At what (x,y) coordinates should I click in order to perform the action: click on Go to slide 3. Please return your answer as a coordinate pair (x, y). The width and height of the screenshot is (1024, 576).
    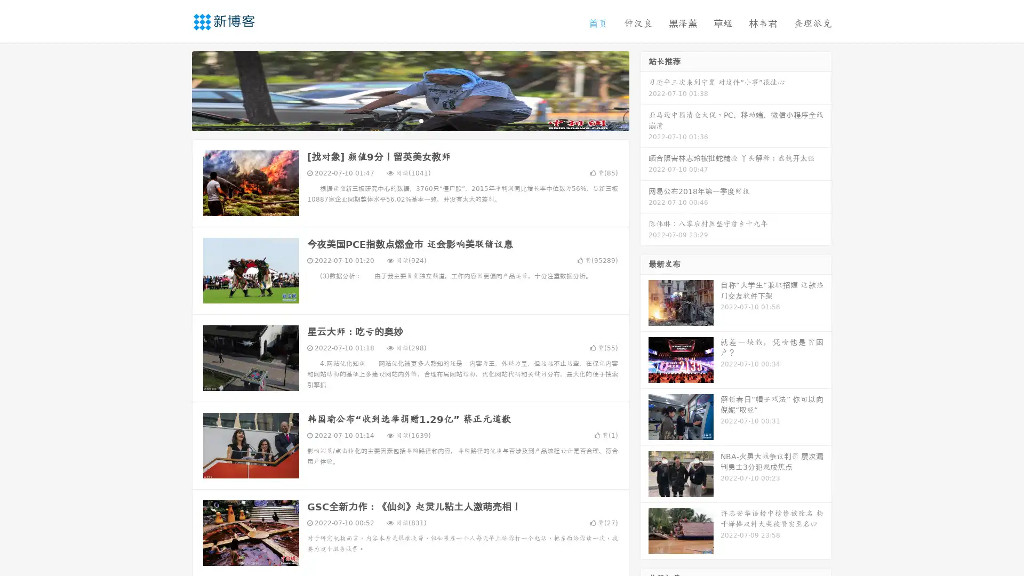
    Looking at the image, I should click on (421, 120).